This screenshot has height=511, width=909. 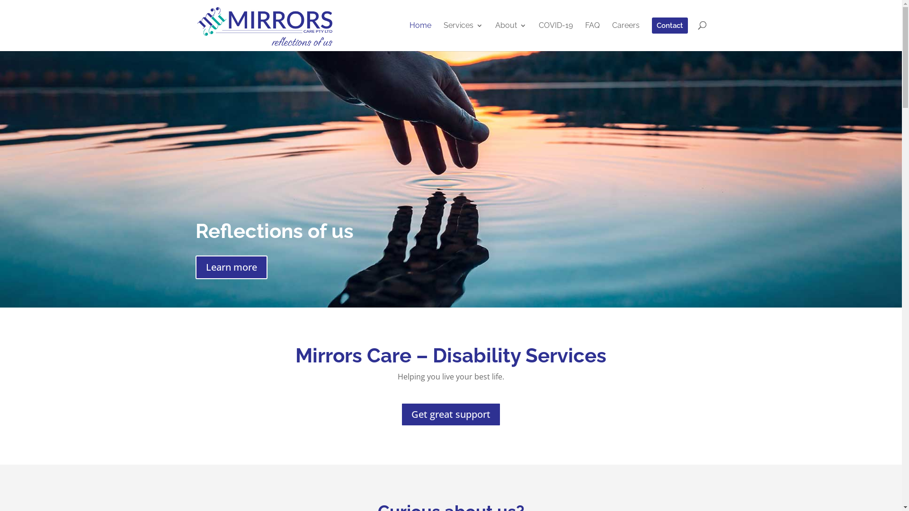 I want to click on 'Get great support', so click(x=450, y=414).